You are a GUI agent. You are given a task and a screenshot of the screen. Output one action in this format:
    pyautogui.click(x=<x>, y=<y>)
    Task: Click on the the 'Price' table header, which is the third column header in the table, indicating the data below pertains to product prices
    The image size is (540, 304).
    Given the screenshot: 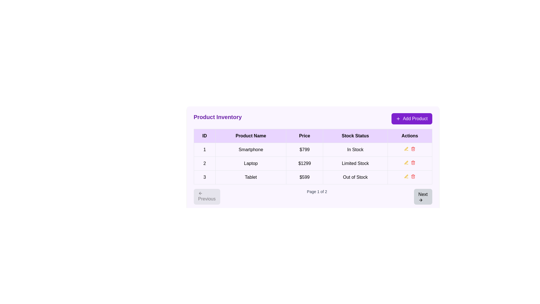 What is the action you would take?
    pyautogui.click(x=304, y=136)
    